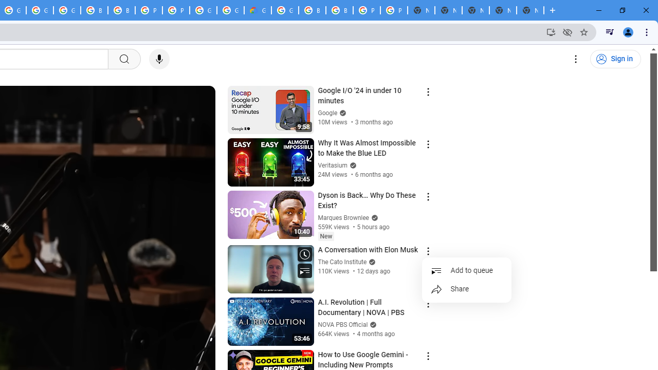 The height and width of the screenshot is (370, 658). I want to click on 'Add to queue', so click(466, 270).